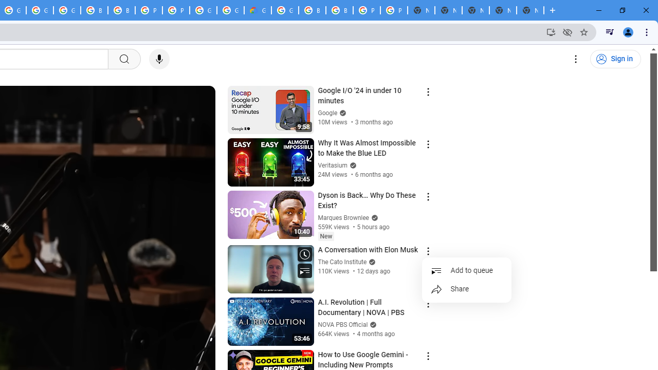 The height and width of the screenshot is (370, 658). I want to click on 'Add to queue', so click(466, 270).